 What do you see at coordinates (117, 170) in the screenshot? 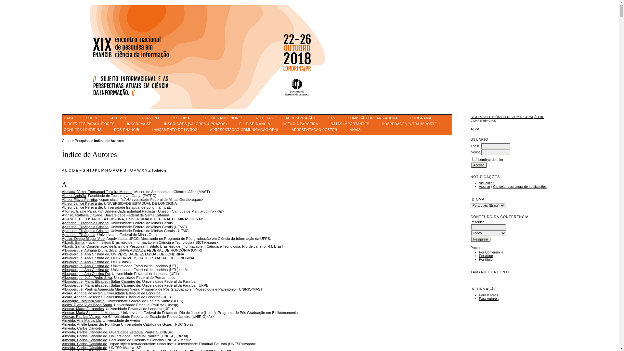
I see `'Q'` at bounding box center [117, 170].